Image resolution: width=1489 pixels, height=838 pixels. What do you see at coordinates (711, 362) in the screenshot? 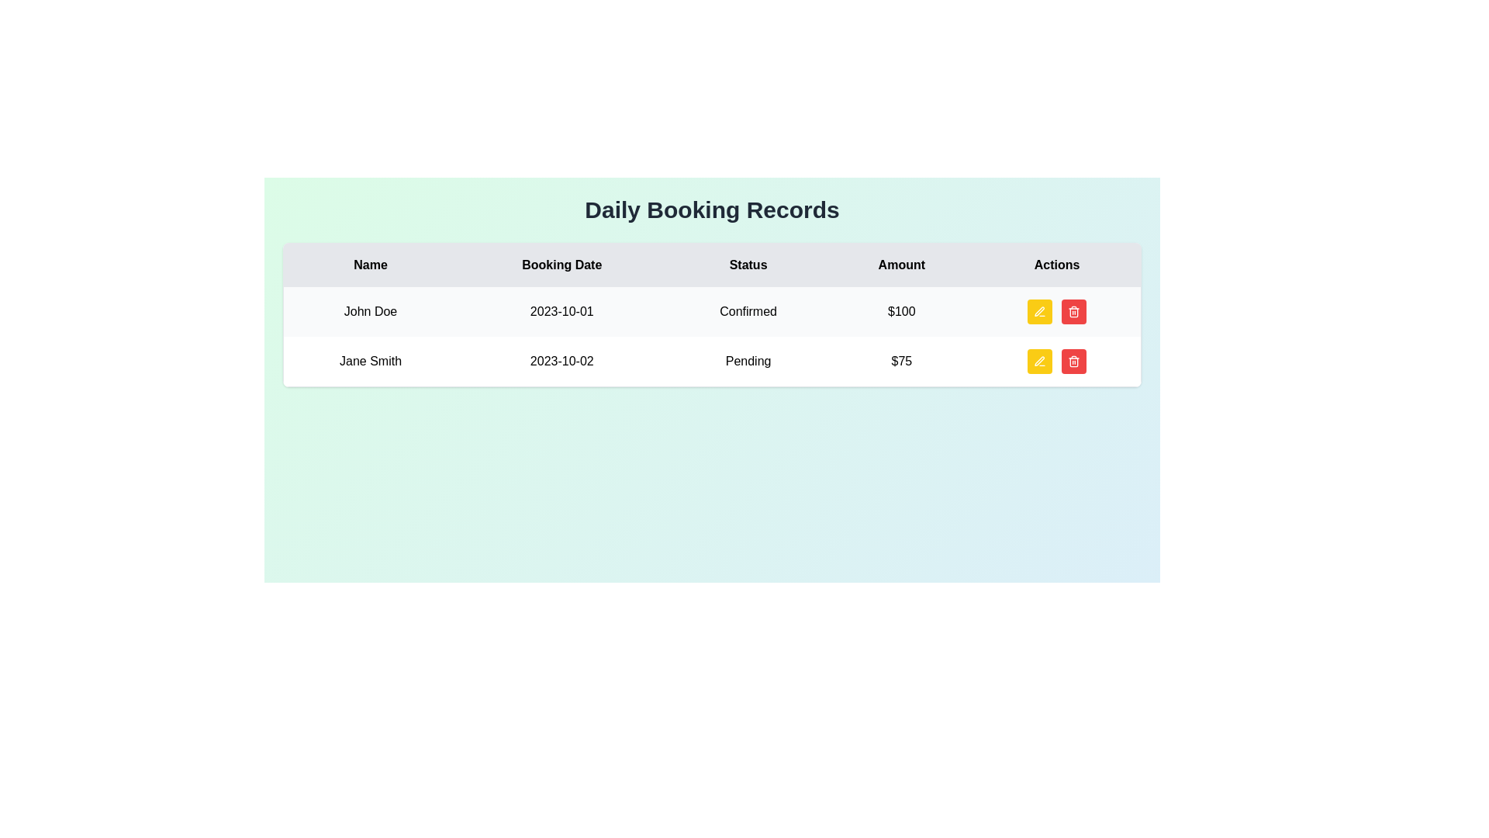
I see `to select the second row in the table containing booking record details for 'Jane Smith', with the date '2023-10-02', status 'Pending', and amount '$75'` at bounding box center [711, 362].